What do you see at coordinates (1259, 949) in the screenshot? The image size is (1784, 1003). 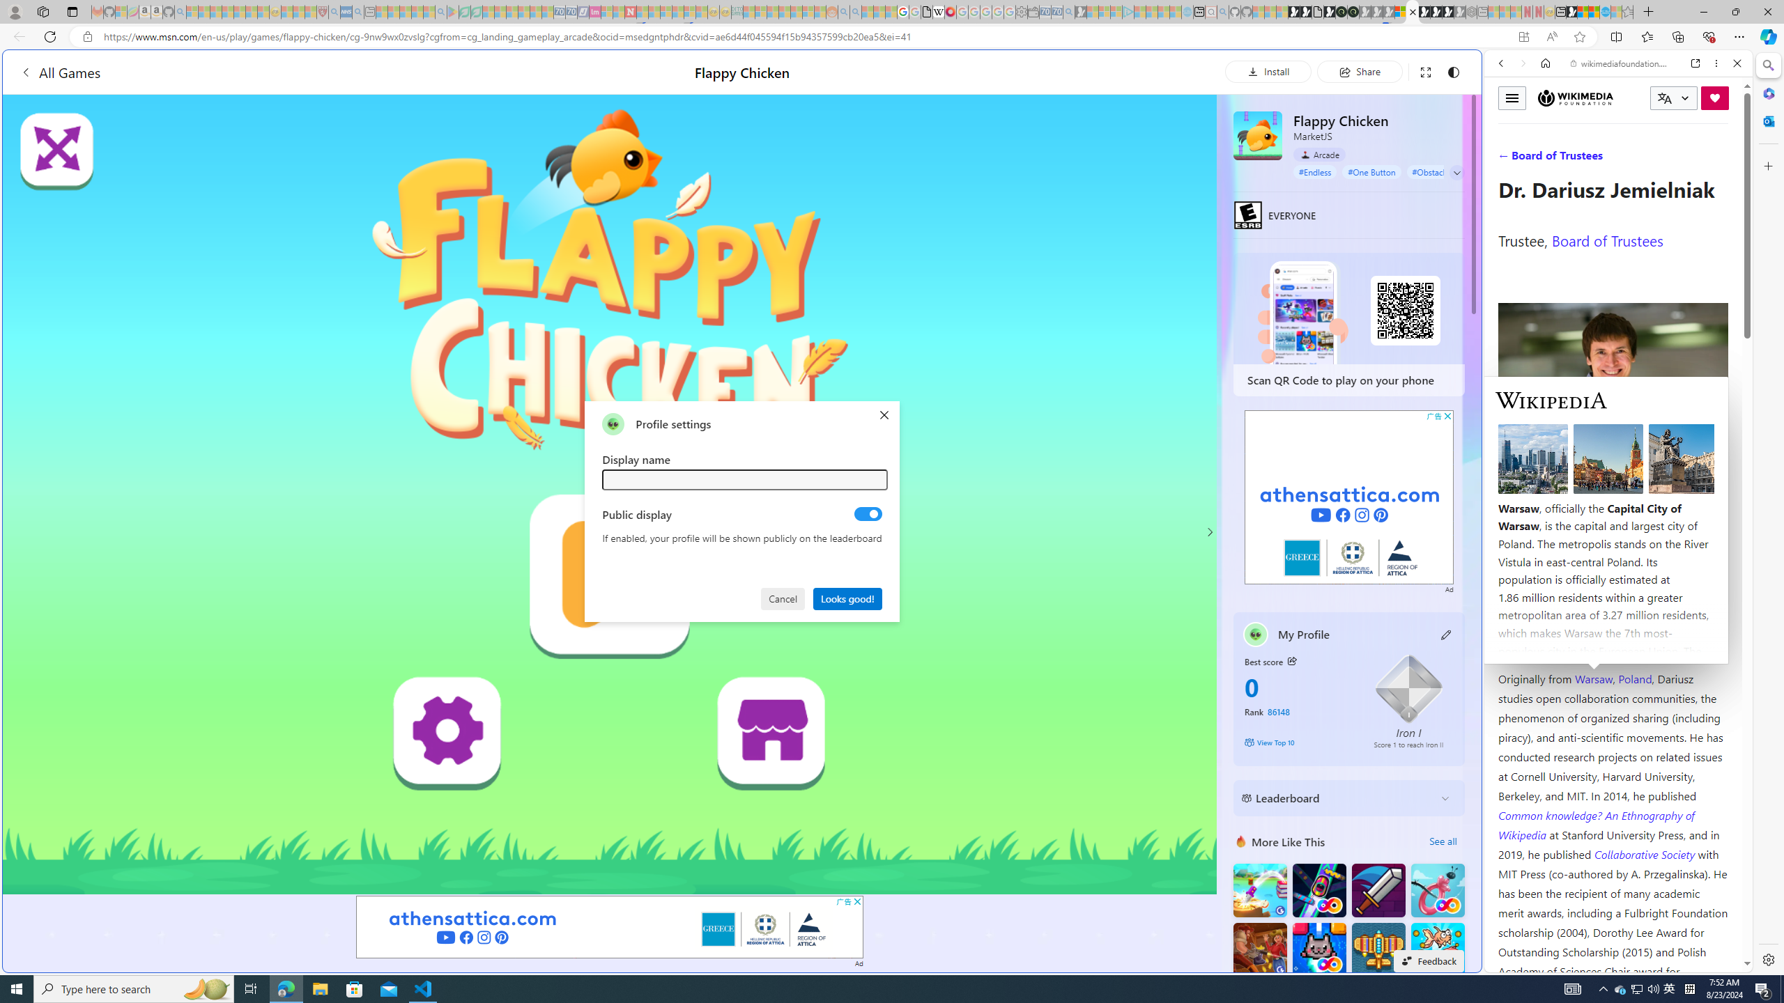 I see `'Saloon Robbery'` at bounding box center [1259, 949].